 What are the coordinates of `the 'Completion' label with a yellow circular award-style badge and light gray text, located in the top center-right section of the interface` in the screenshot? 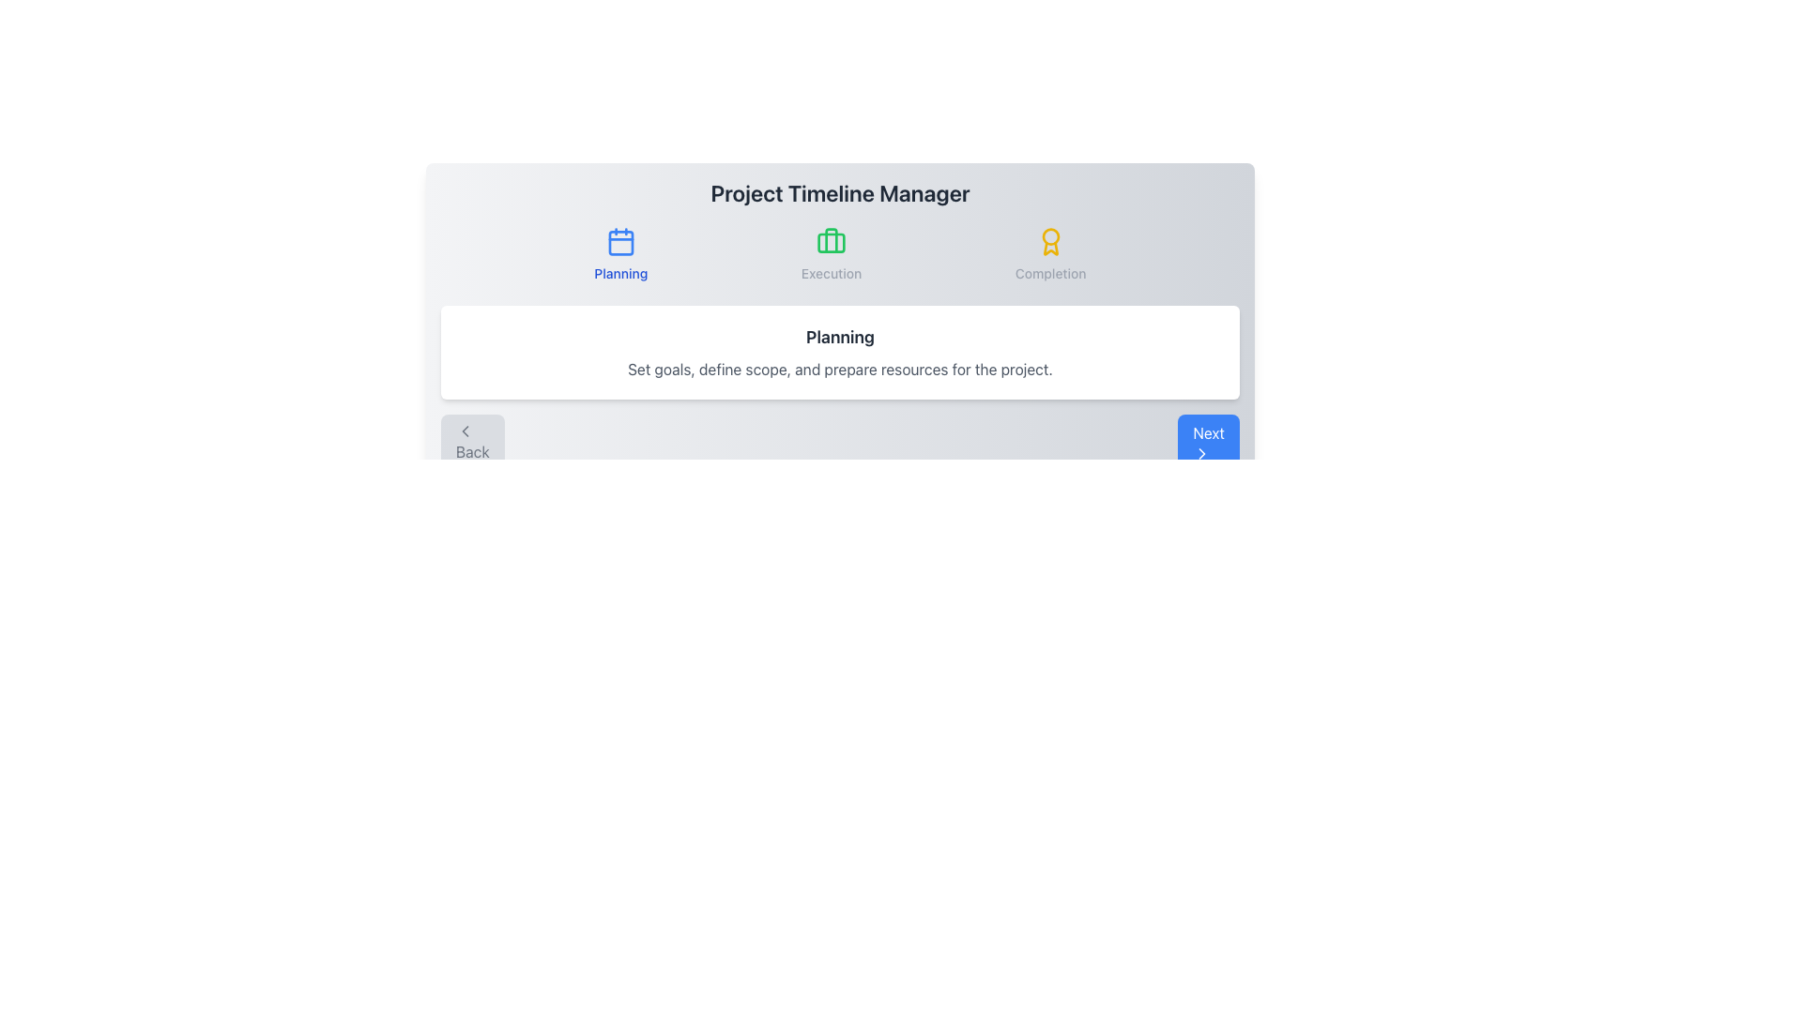 It's located at (1049, 255).